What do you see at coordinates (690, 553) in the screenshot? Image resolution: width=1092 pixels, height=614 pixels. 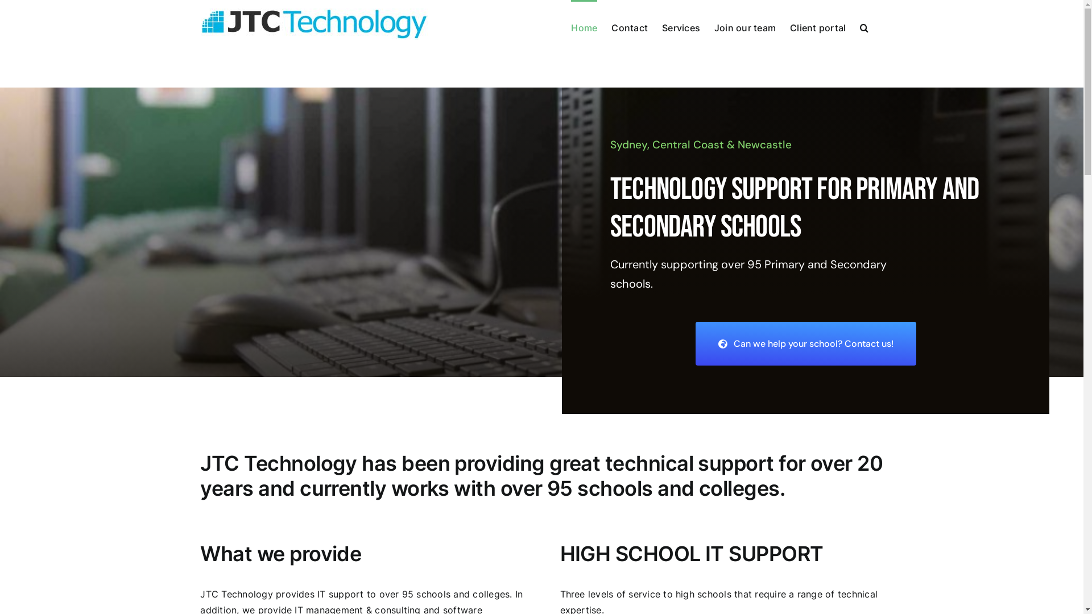 I see `'HIGH SCHOOL IT SUPPORT'` at bounding box center [690, 553].